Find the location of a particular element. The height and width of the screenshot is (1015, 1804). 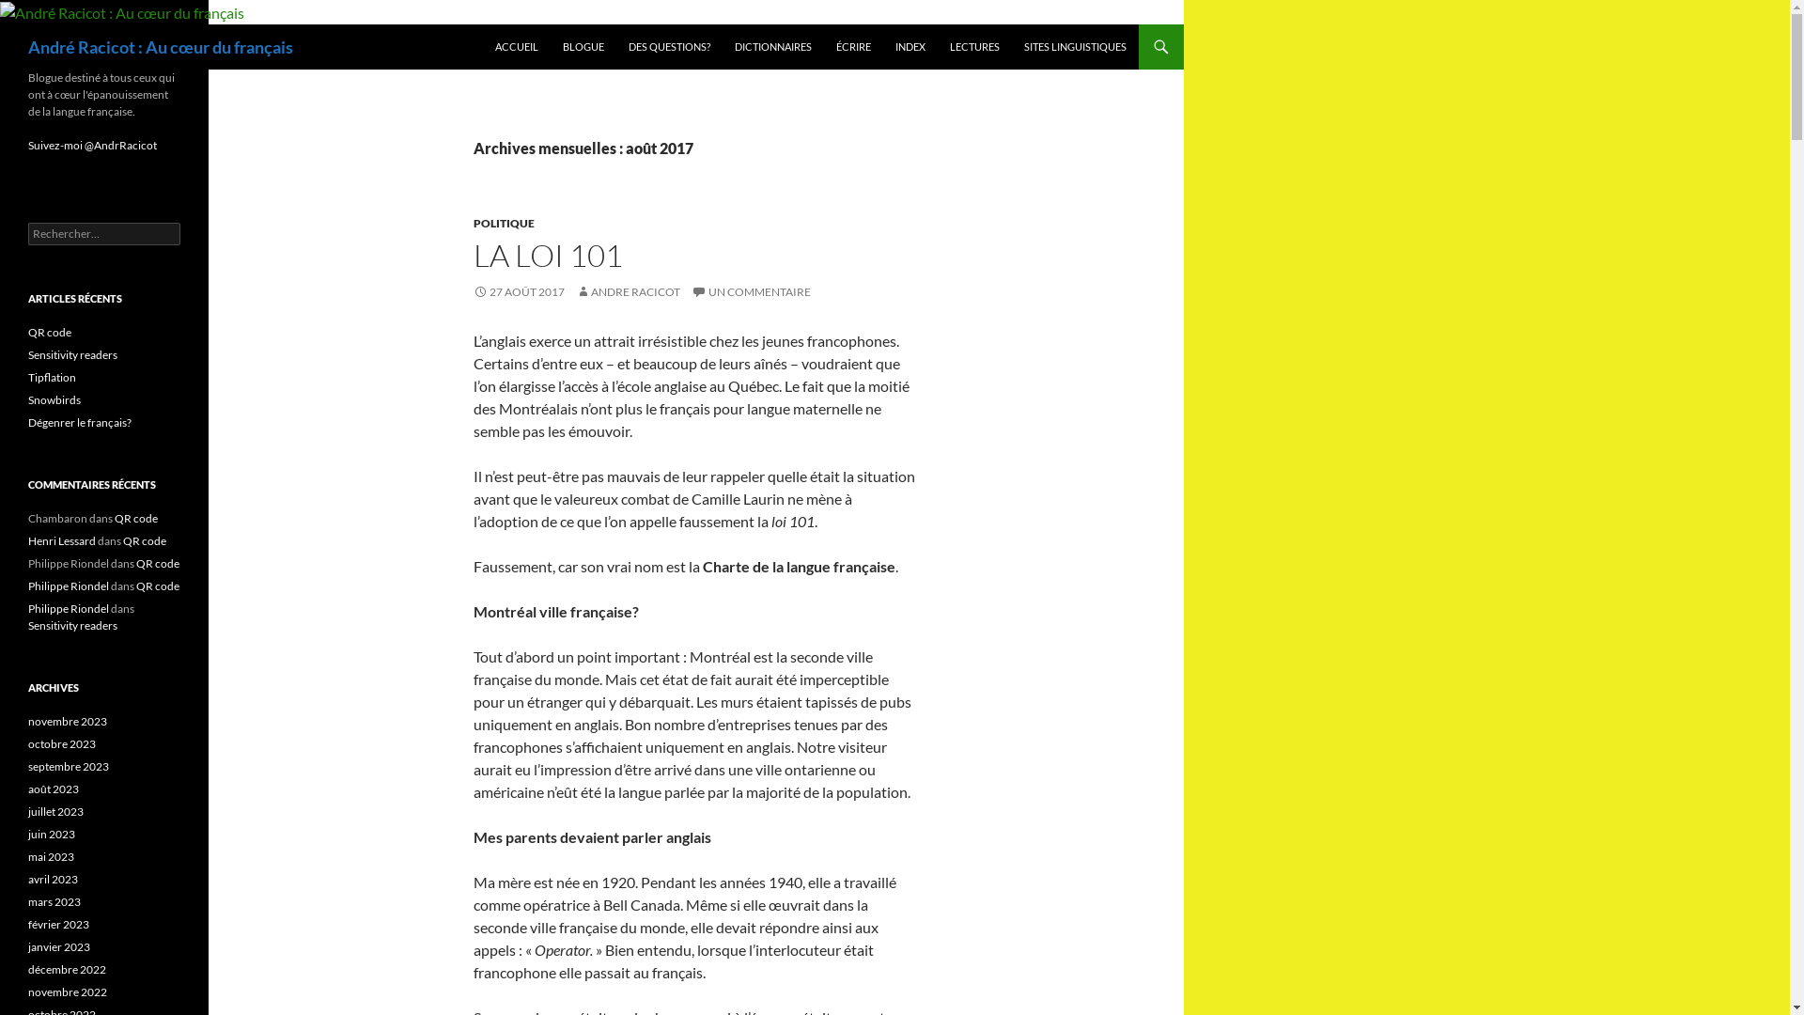

'BLOGUE' is located at coordinates (582, 46).